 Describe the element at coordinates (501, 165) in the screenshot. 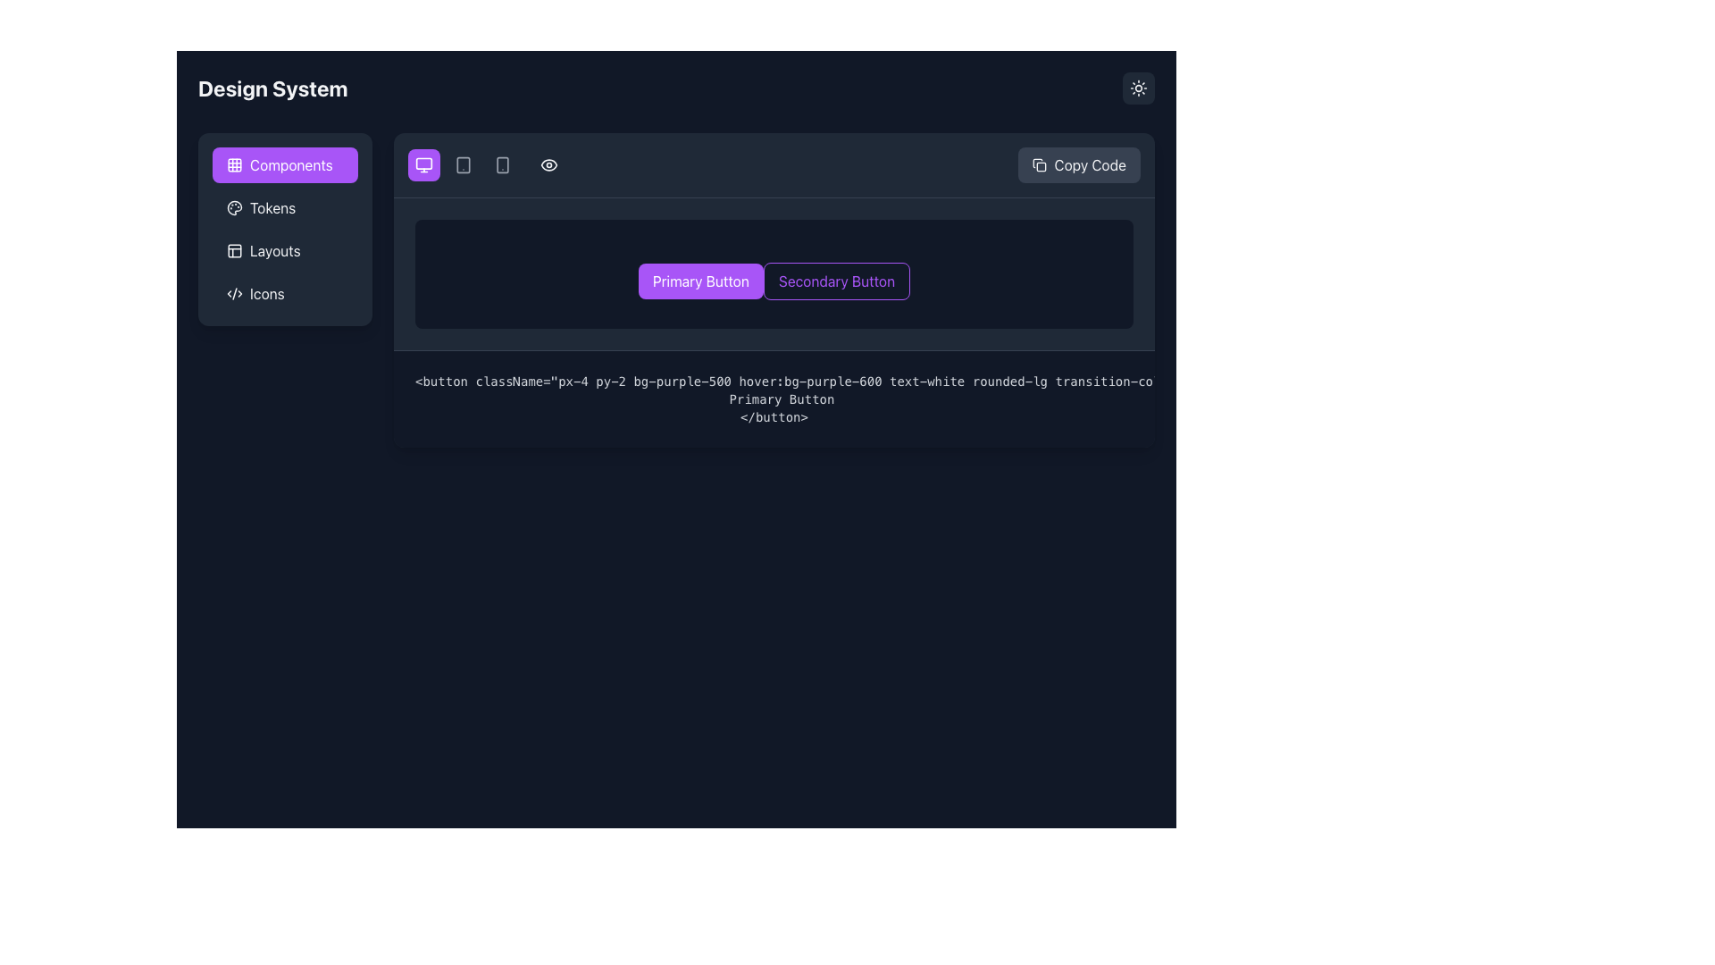

I see `the small, gray, rectangular button with a smartphone icon in the top-right toolbar` at that location.